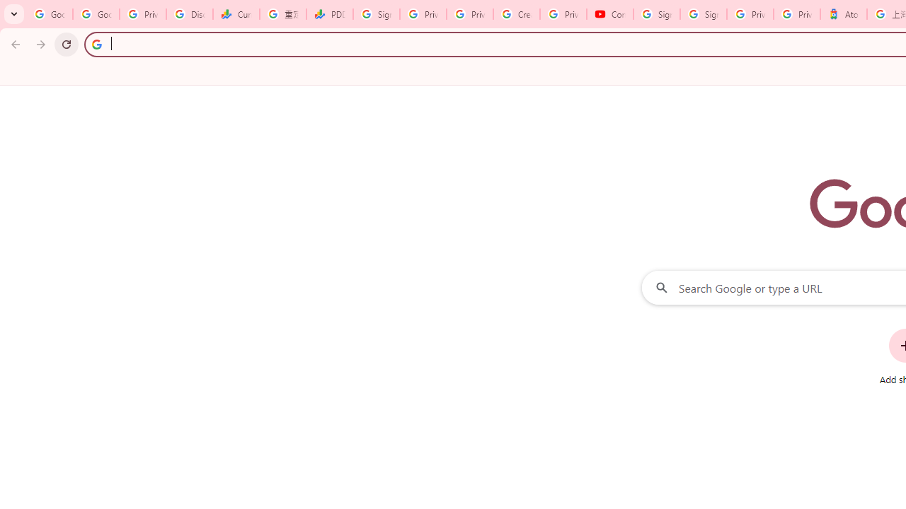  I want to click on 'Currencies - Google Finance', so click(236, 14).